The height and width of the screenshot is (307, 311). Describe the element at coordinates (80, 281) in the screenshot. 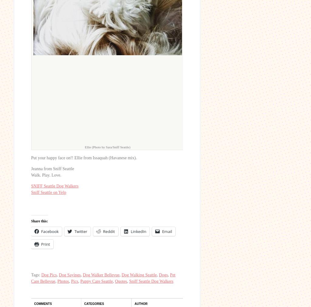

I see `'Puppy Care Seattle'` at that location.